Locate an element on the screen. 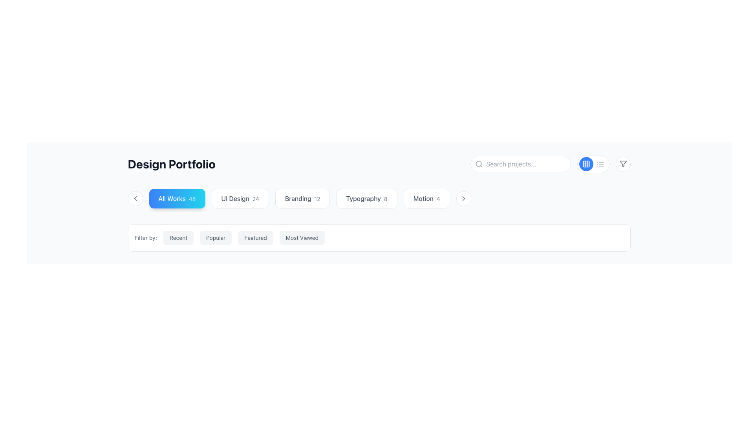  the circular blue button with a white grid layout icon located on the right-hand side of the top interface bar is located at coordinates (586, 163).